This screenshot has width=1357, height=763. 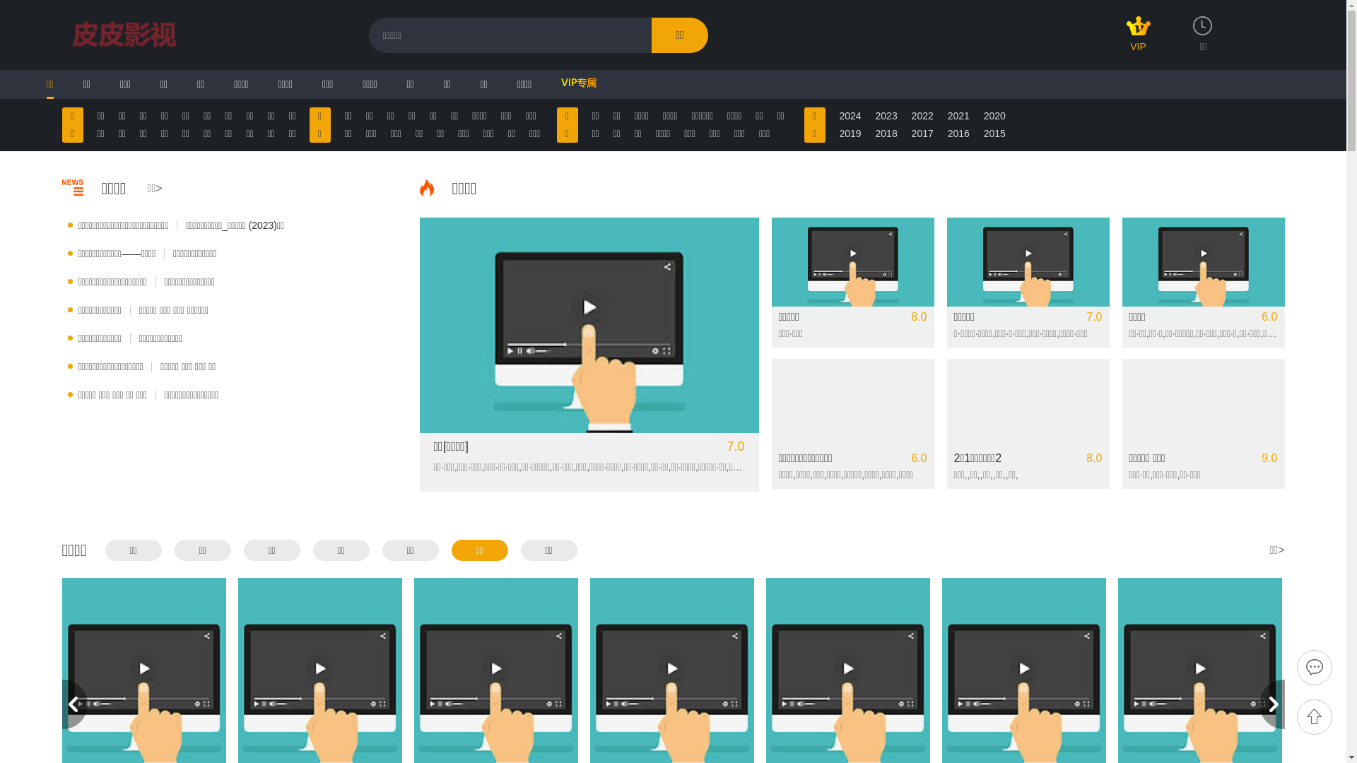 I want to click on '2021', so click(x=958, y=115).